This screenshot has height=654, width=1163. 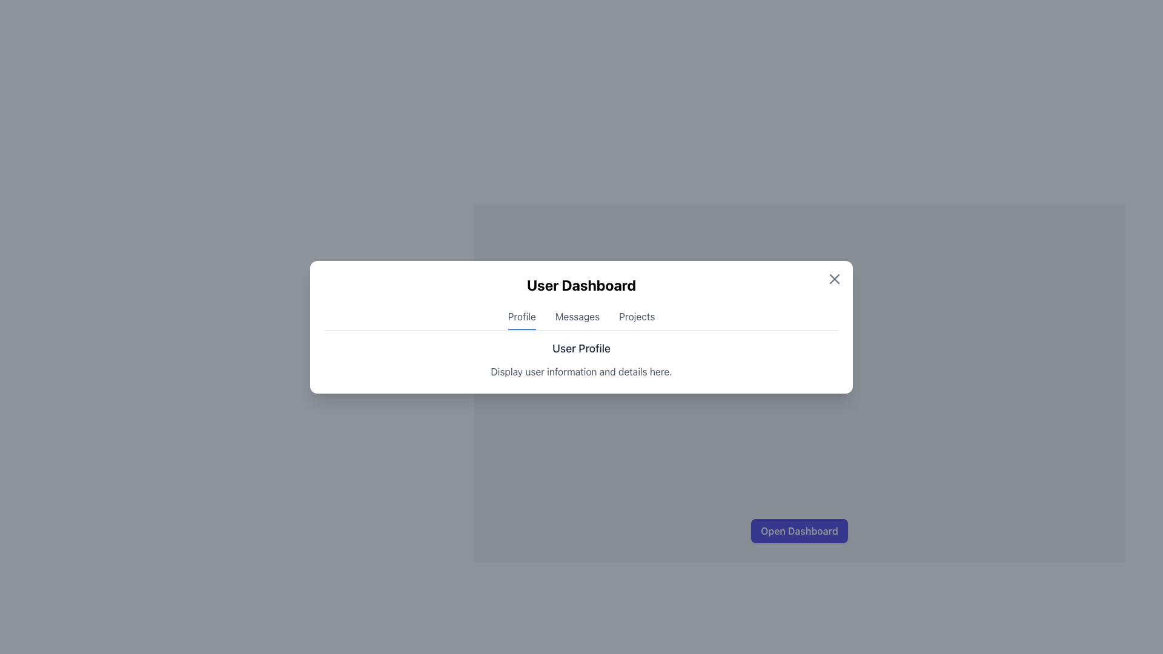 I want to click on the navigation tabs of the user profile modal interface to switch between views such as 'Profile', 'Messages', and 'Projects', so click(x=581, y=327).